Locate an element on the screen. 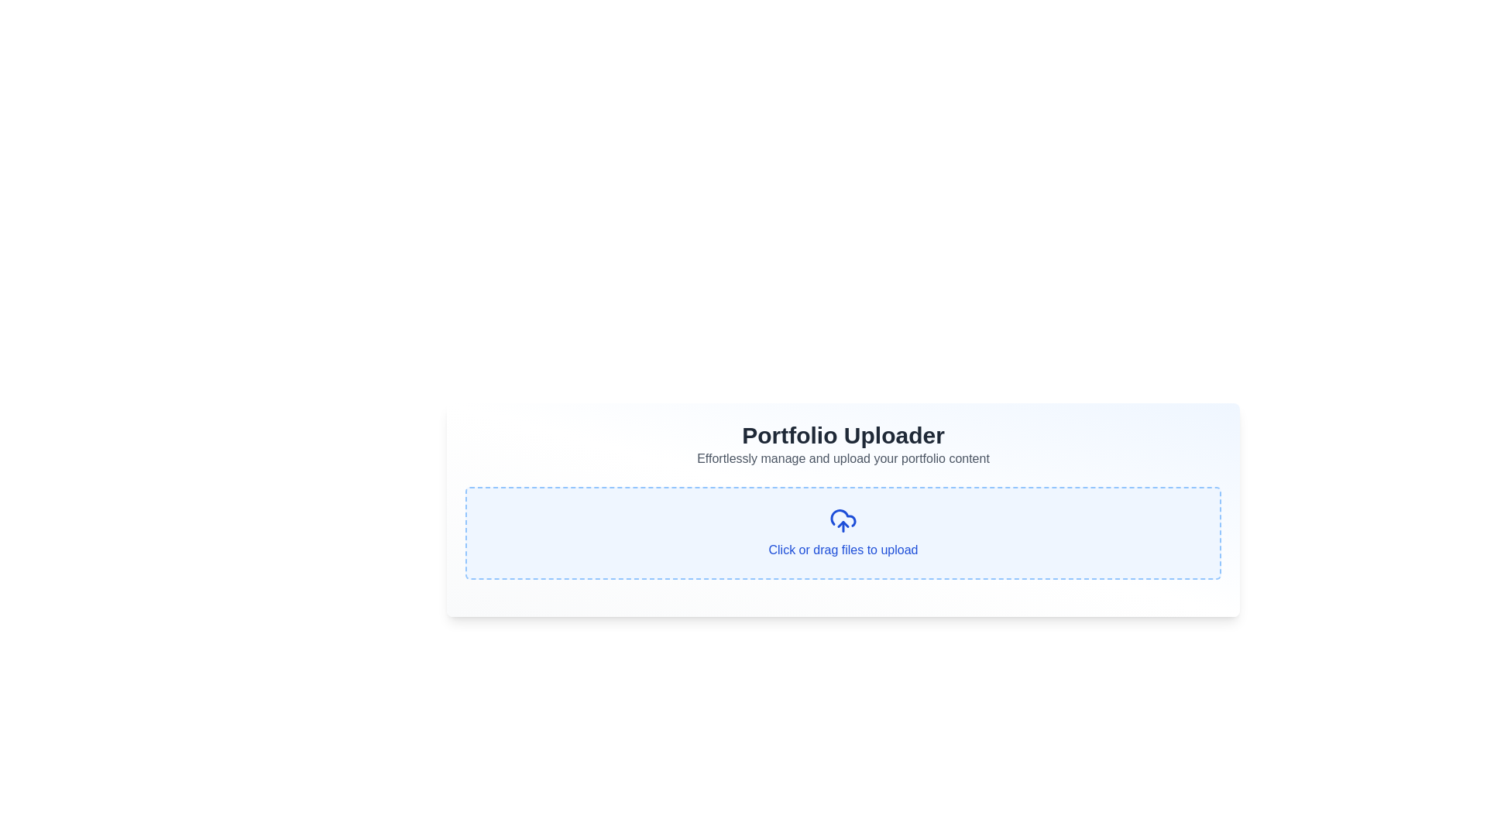 The image size is (1487, 836). instructions from the text label that says 'Click or drag files to upload', located at the center bottom of the upload area with dashed borders is located at coordinates (843, 549).